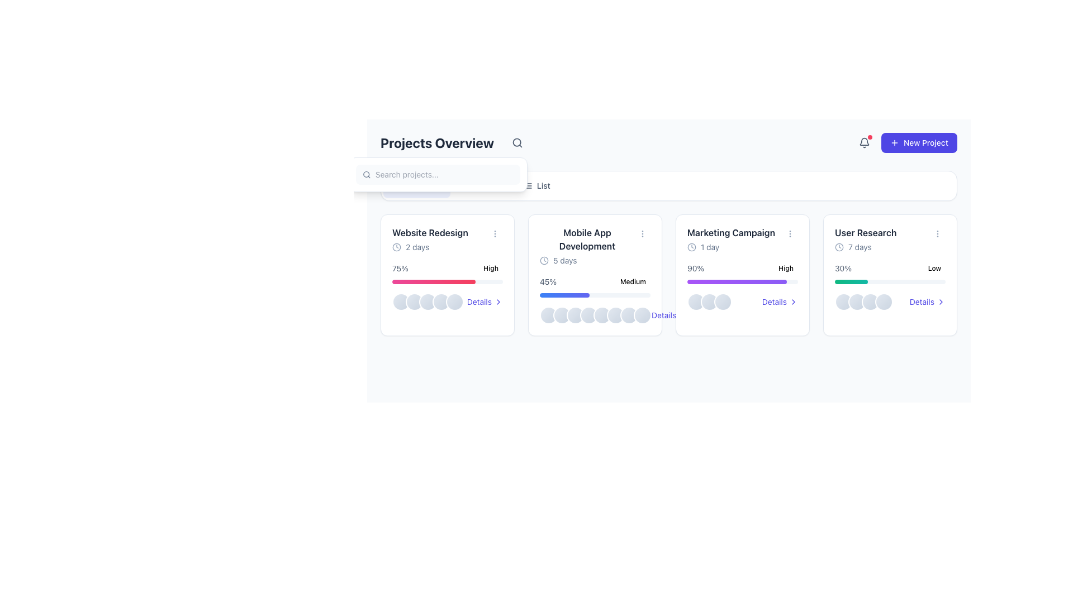 The width and height of the screenshot is (1073, 603). I want to click on the 'List' view button, which is the third option in the horizontal menu bar at the top-right section of the interface, so click(536, 185).